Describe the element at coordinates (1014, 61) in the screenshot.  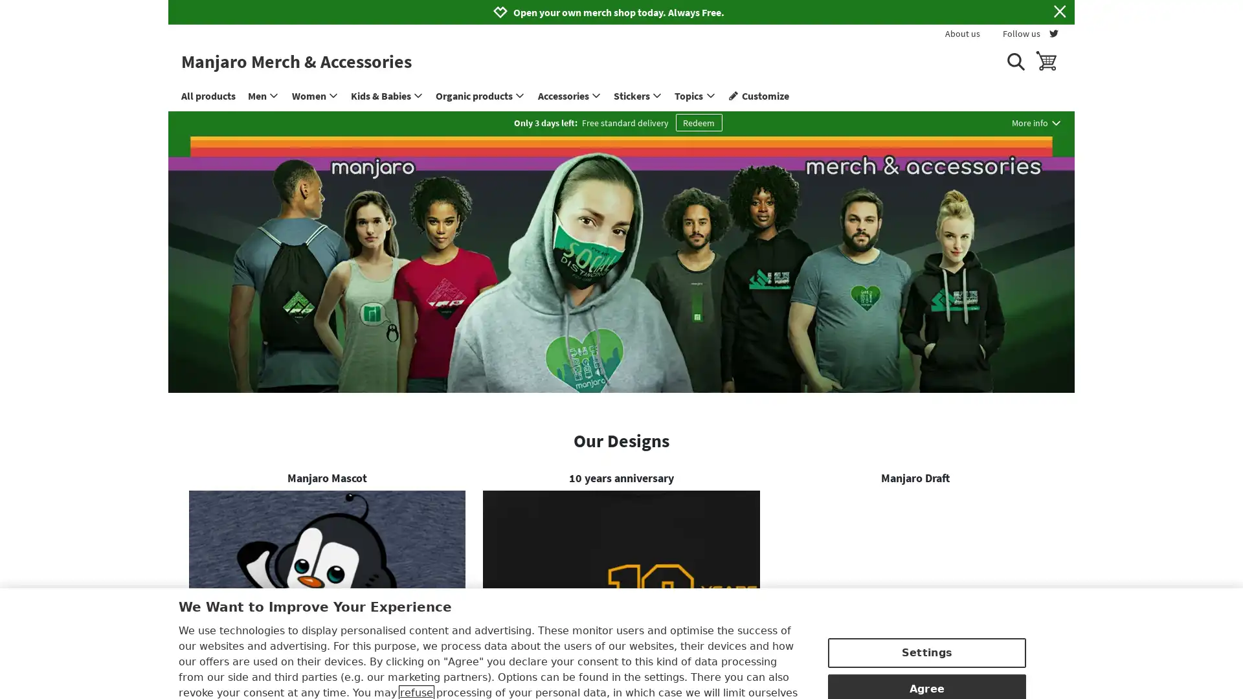
I see `show search` at that location.